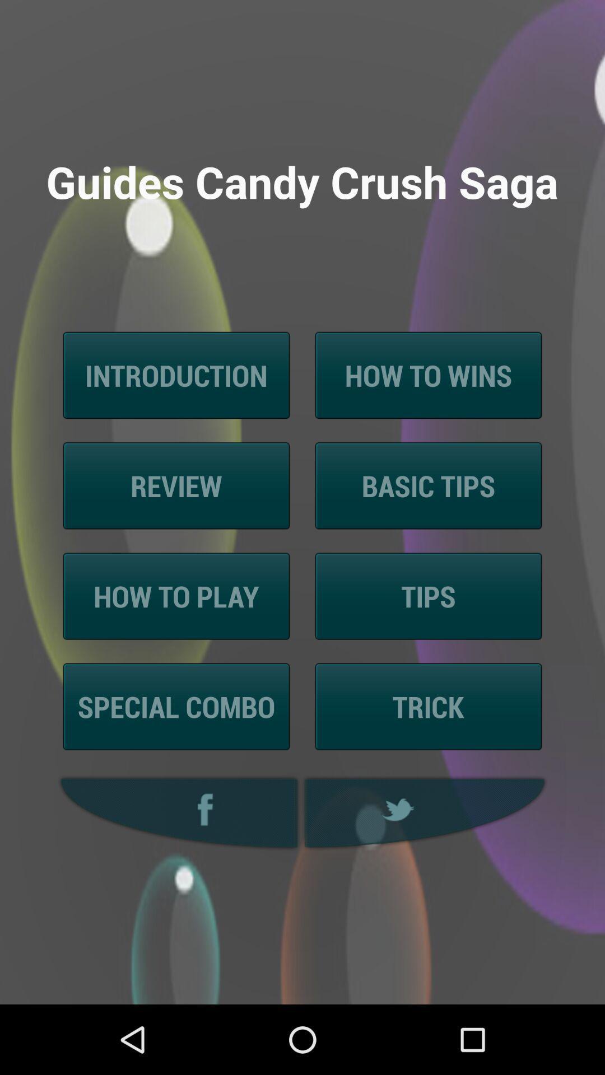 The width and height of the screenshot is (605, 1075). What do you see at coordinates (176, 375) in the screenshot?
I see `the icon above the review item` at bounding box center [176, 375].